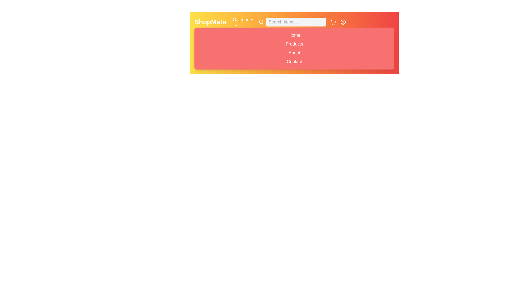 The height and width of the screenshot is (298, 531). I want to click on the Navigation link positioned third in the vertical menu stack, so click(294, 53).